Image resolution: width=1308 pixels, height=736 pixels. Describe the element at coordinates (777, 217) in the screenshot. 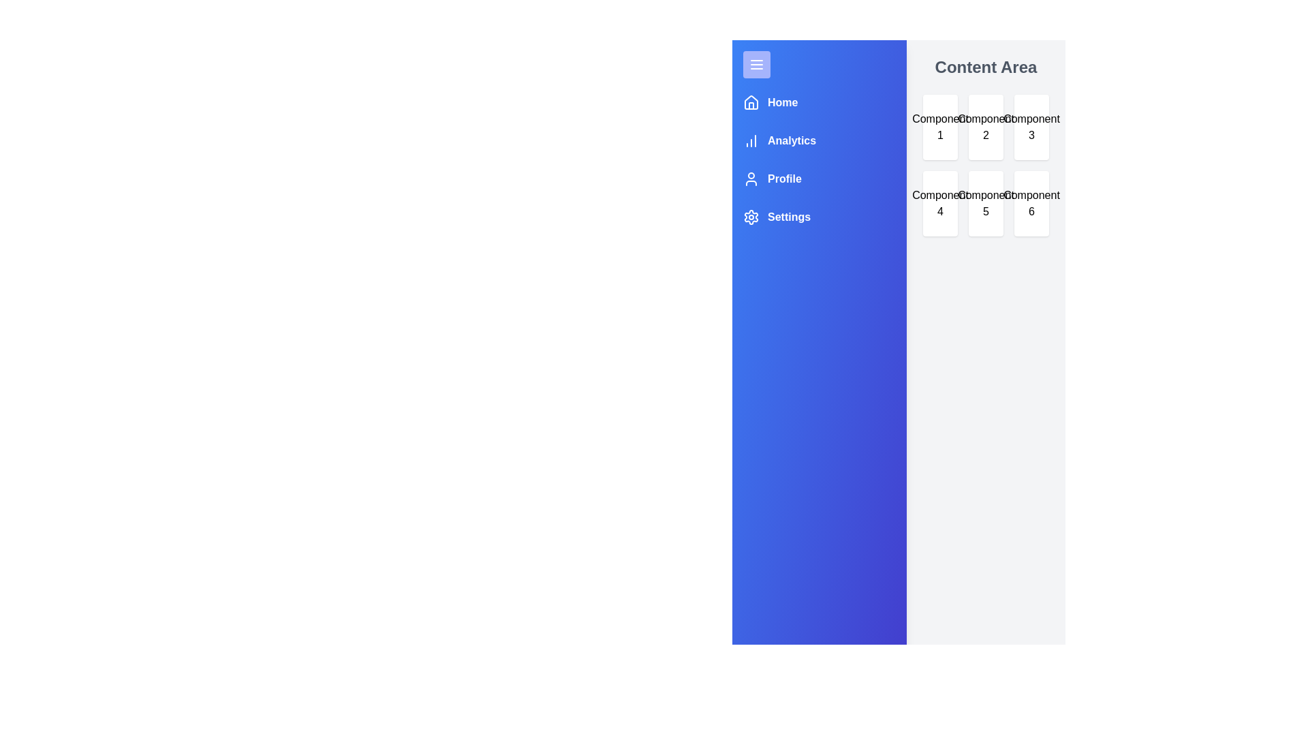

I see `the navigation menu item Settings` at that location.